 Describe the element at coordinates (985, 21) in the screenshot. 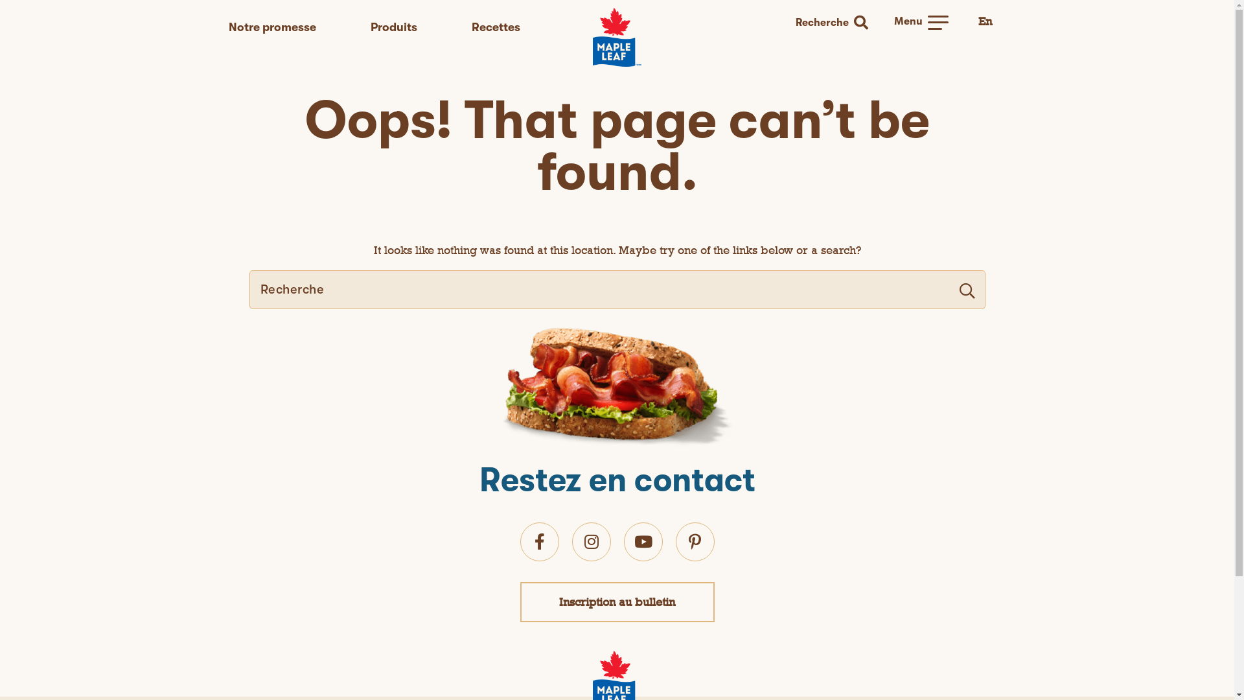

I see `'En'` at that location.